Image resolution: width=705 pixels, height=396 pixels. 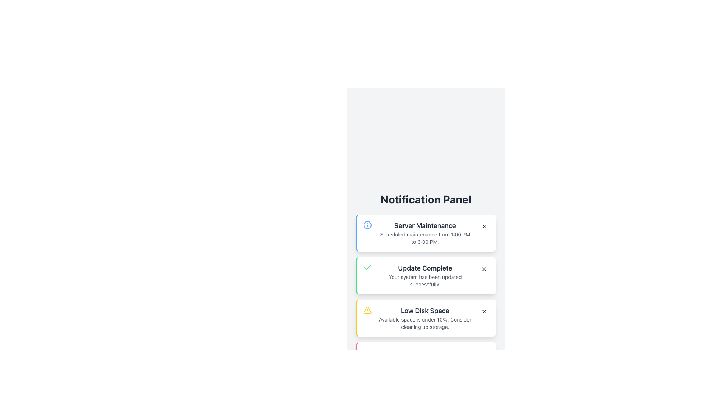 I want to click on the notification box titled 'Server Maintenance' with a white background and blue left border, so click(x=426, y=233).